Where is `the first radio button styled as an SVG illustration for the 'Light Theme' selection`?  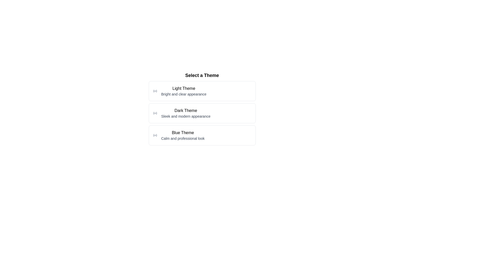
the first radio button styled as an SVG illustration for the 'Light Theme' selection is located at coordinates (155, 91).